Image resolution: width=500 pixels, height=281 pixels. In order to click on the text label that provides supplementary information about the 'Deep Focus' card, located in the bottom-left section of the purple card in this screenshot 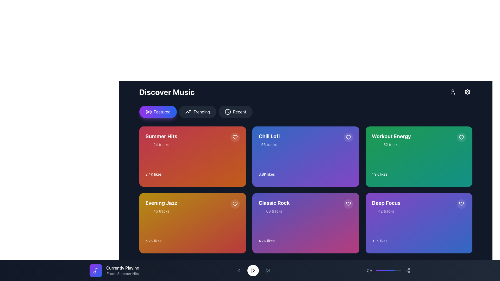, I will do `click(386, 211)`.